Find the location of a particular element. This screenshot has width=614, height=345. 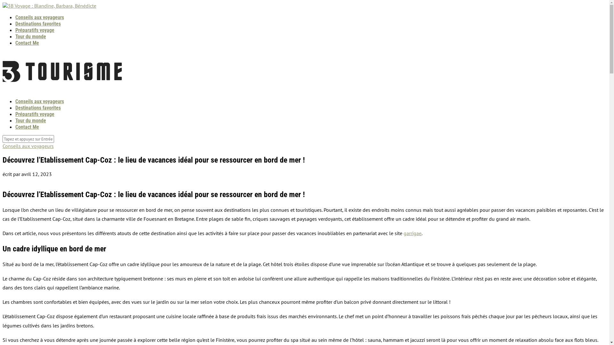

'dcea4bdffb63d6ab8ff4d0feb844ed71' is located at coordinates (3, 182).